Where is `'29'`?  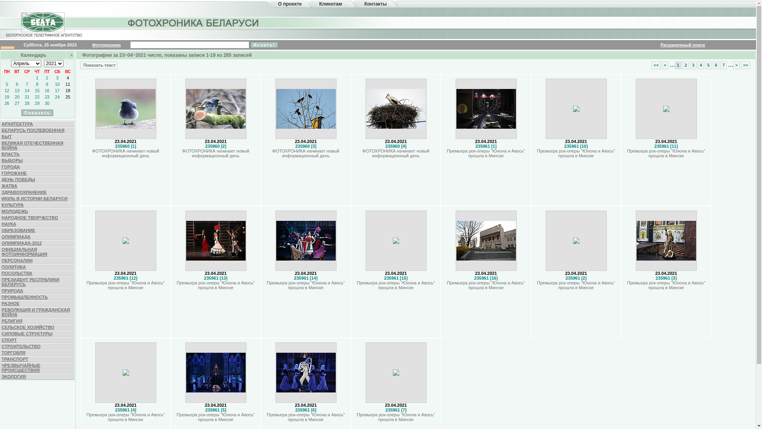
'29' is located at coordinates (37, 102).